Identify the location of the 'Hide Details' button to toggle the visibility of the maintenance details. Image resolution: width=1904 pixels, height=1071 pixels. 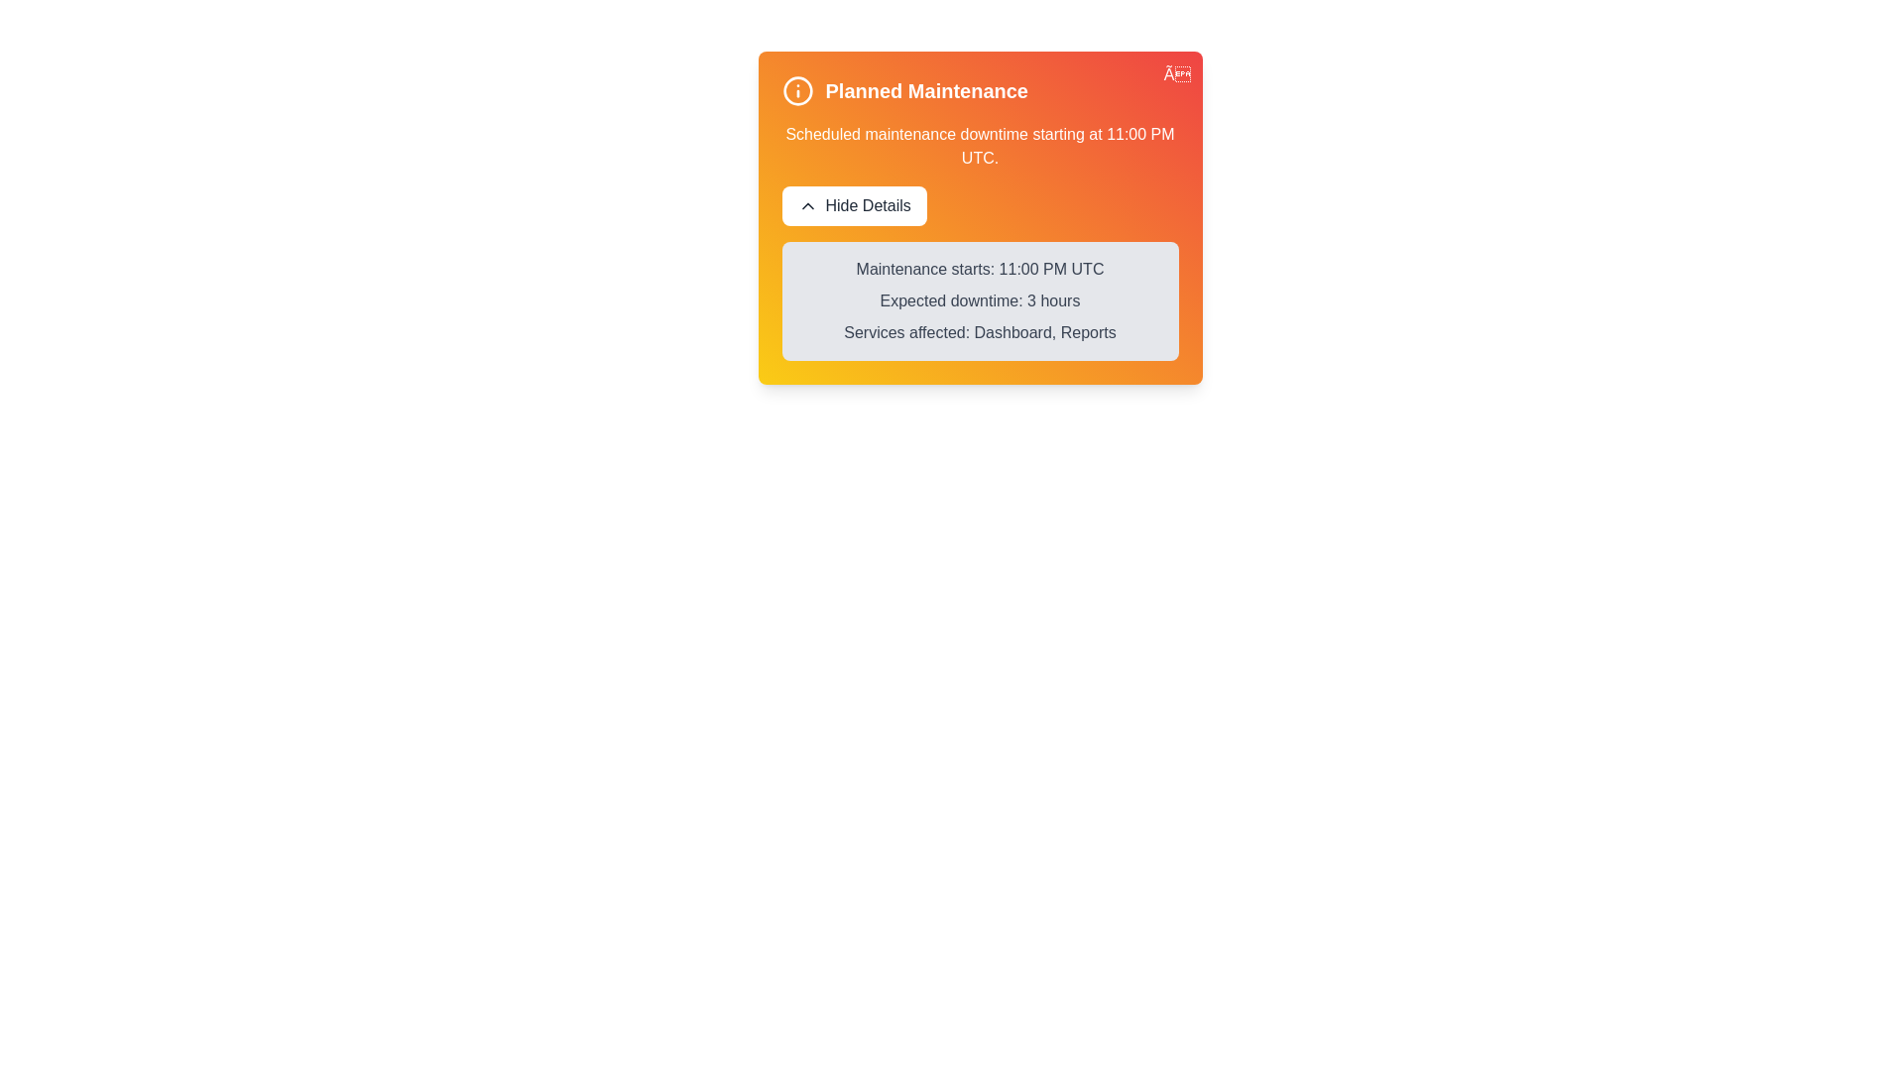
(854, 206).